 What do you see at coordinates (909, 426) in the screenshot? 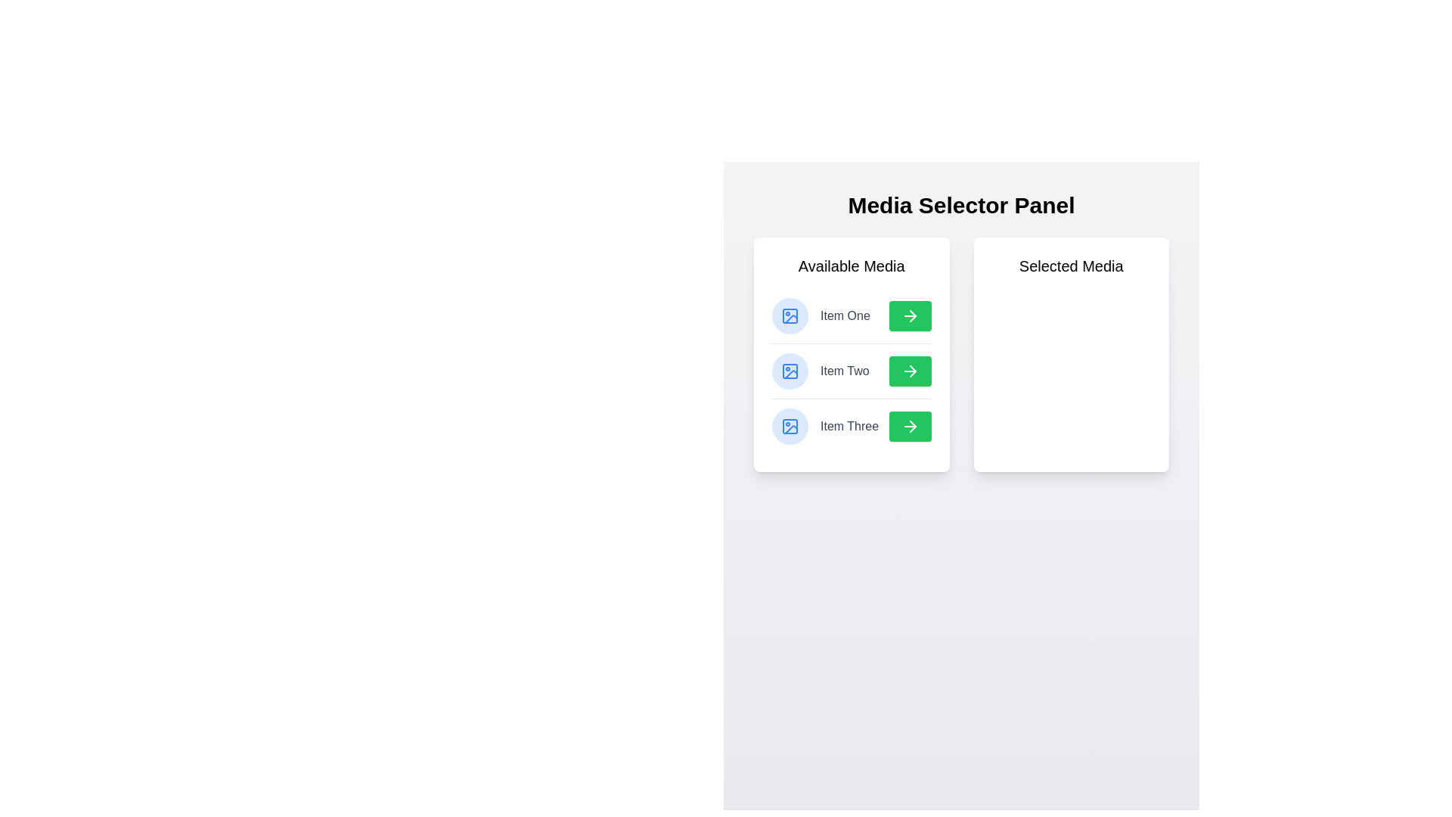
I see `the button for 'Item Three' in the 'Available Media' panel` at bounding box center [909, 426].